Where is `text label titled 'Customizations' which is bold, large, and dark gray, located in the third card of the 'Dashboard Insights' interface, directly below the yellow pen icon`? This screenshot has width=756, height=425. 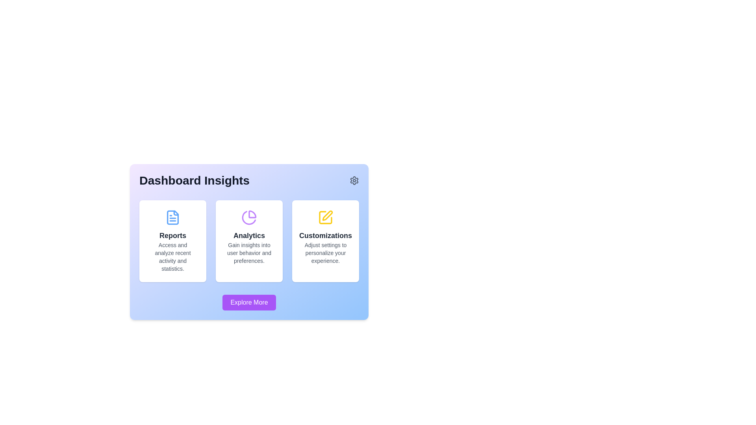
text label titled 'Customizations' which is bold, large, and dark gray, located in the third card of the 'Dashboard Insights' interface, directly below the yellow pen icon is located at coordinates (325, 235).